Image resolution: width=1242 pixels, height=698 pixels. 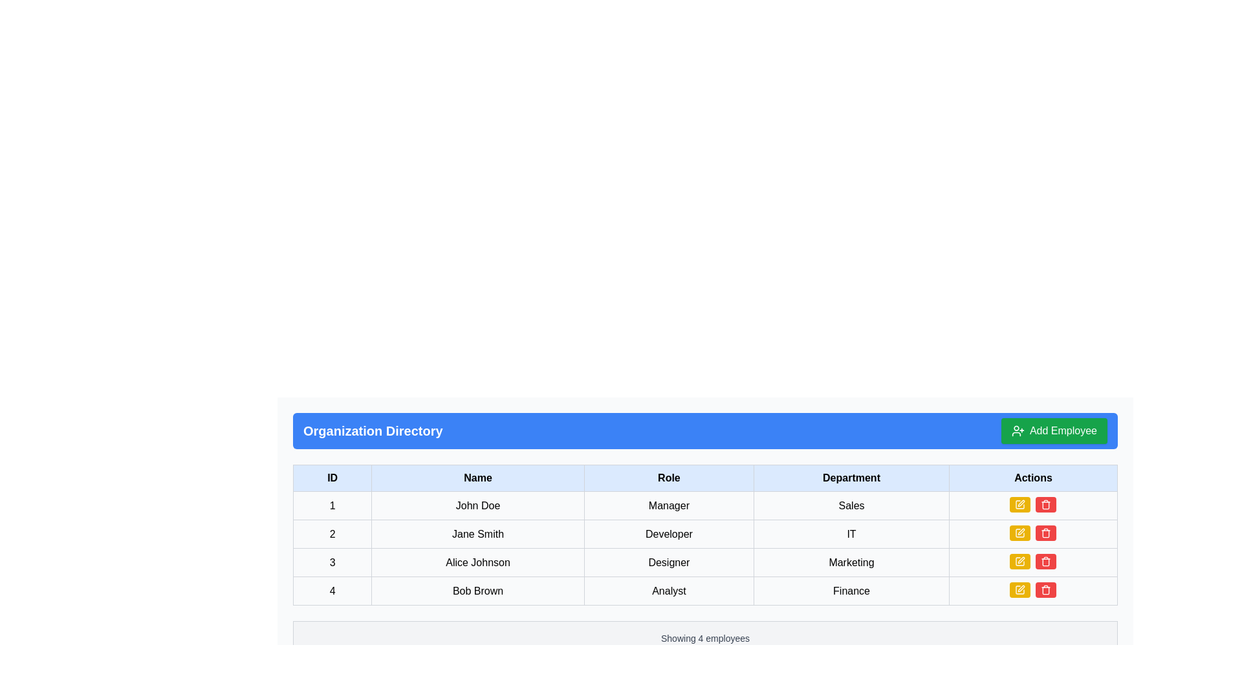 What do you see at coordinates (332, 562) in the screenshot?
I see `the table cell displaying the ID number '3' for Alice Johnson, which is located in the first cell of the third row under the 'ID' column` at bounding box center [332, 562].